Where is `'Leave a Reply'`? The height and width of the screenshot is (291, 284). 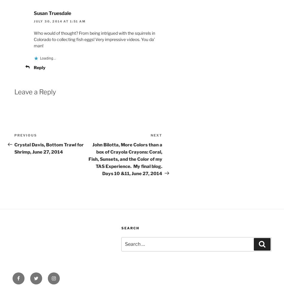 'Leave a Reply' is located at coordinates (35, 91).